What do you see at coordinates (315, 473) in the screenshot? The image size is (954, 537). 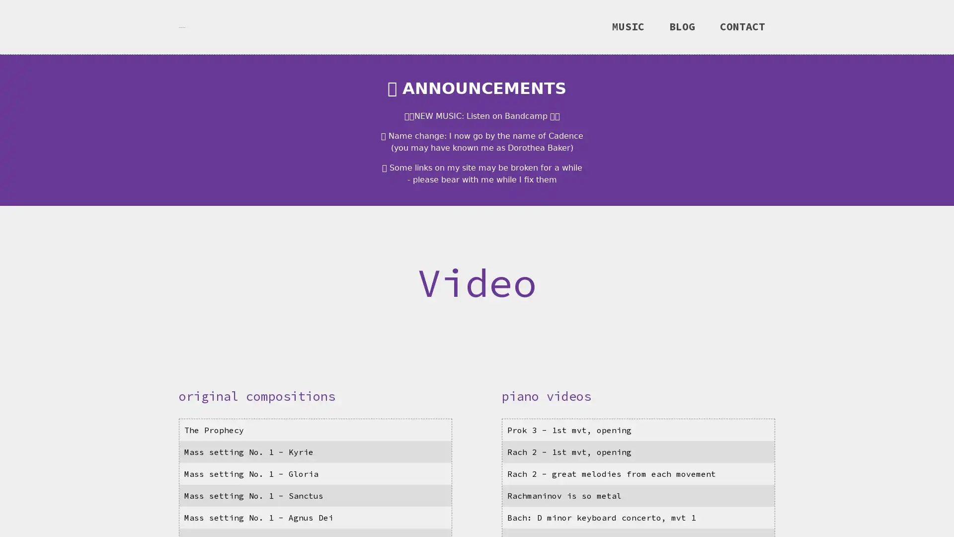 I see `video: Mass setting No. 1 - Gloria` at bounding box center [315, 473].